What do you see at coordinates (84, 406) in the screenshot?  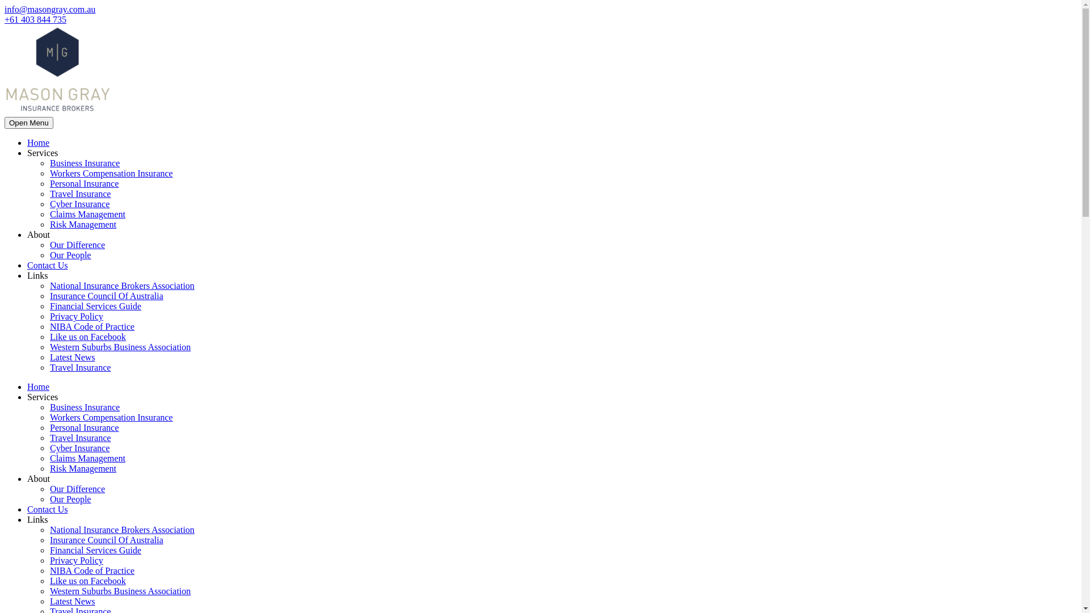 I see `'Business Insurance'` at bounding box center [84, 406].